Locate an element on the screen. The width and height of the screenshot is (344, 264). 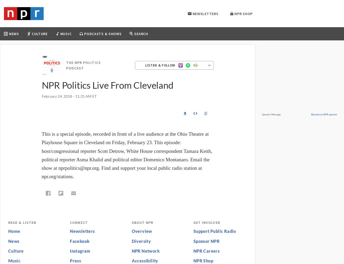
'Facebook' is located at coordinates (79, 241).